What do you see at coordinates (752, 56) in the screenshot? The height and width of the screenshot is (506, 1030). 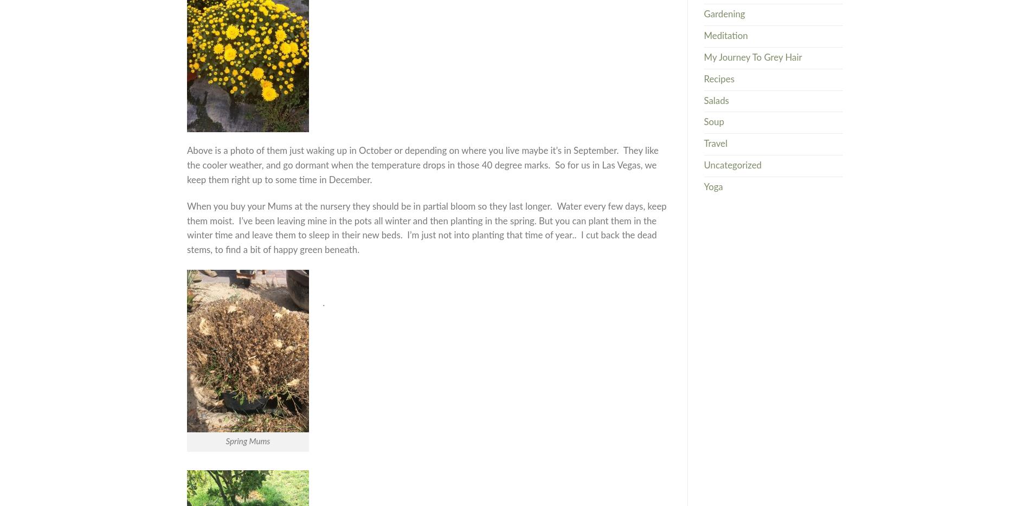 I see `'My Journey To Grey Hair'` at bounding box center [752, 56].